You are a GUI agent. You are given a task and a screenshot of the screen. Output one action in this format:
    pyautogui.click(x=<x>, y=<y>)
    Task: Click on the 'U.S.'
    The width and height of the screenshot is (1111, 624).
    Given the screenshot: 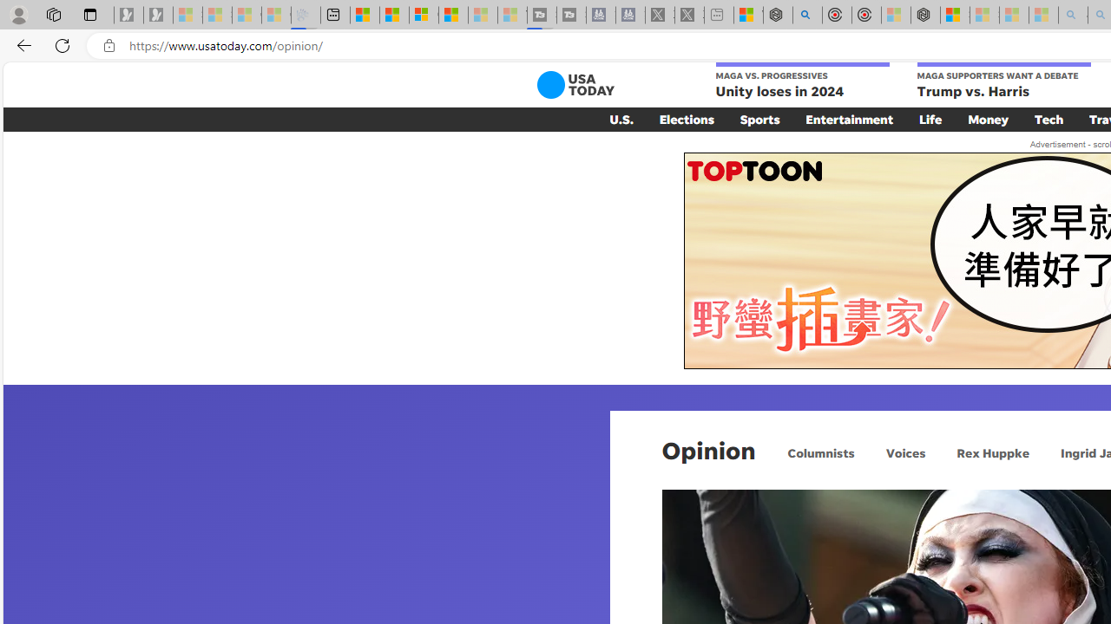 What is the action you would take?
    pyautogui.click(x=621, y=118)
    